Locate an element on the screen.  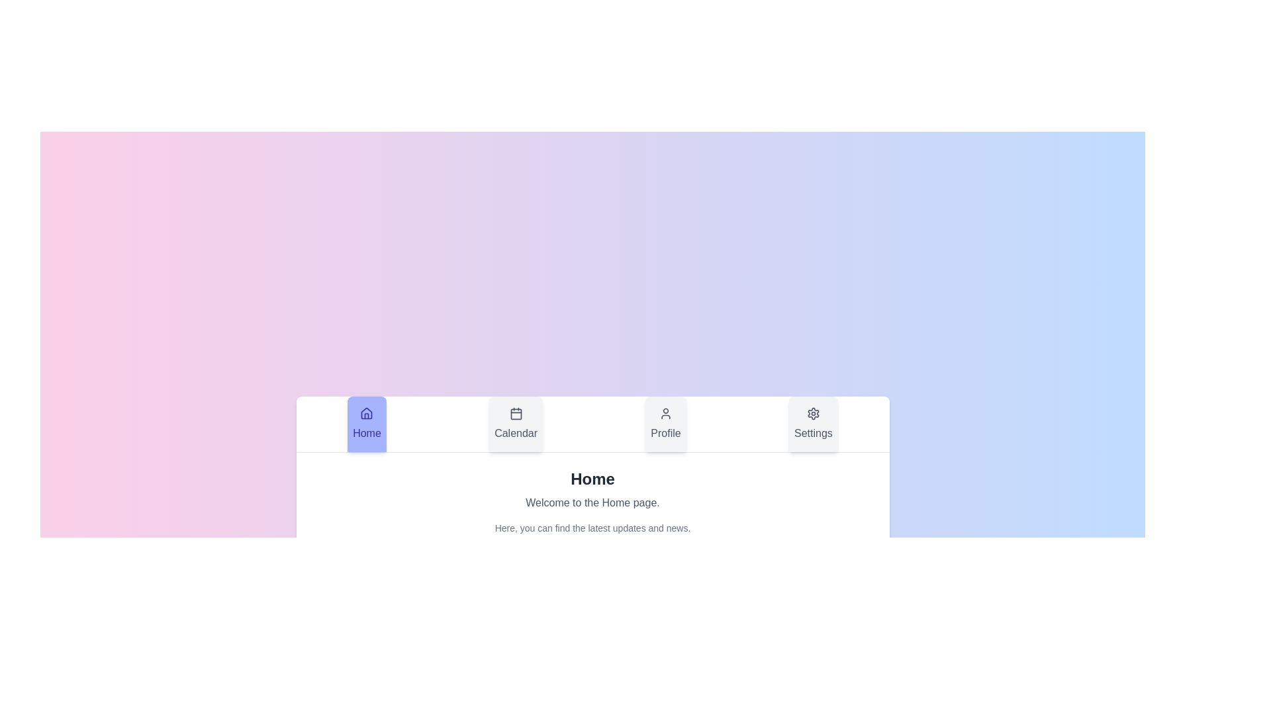
the tab labeled Home is located at coordinates (367, 424).